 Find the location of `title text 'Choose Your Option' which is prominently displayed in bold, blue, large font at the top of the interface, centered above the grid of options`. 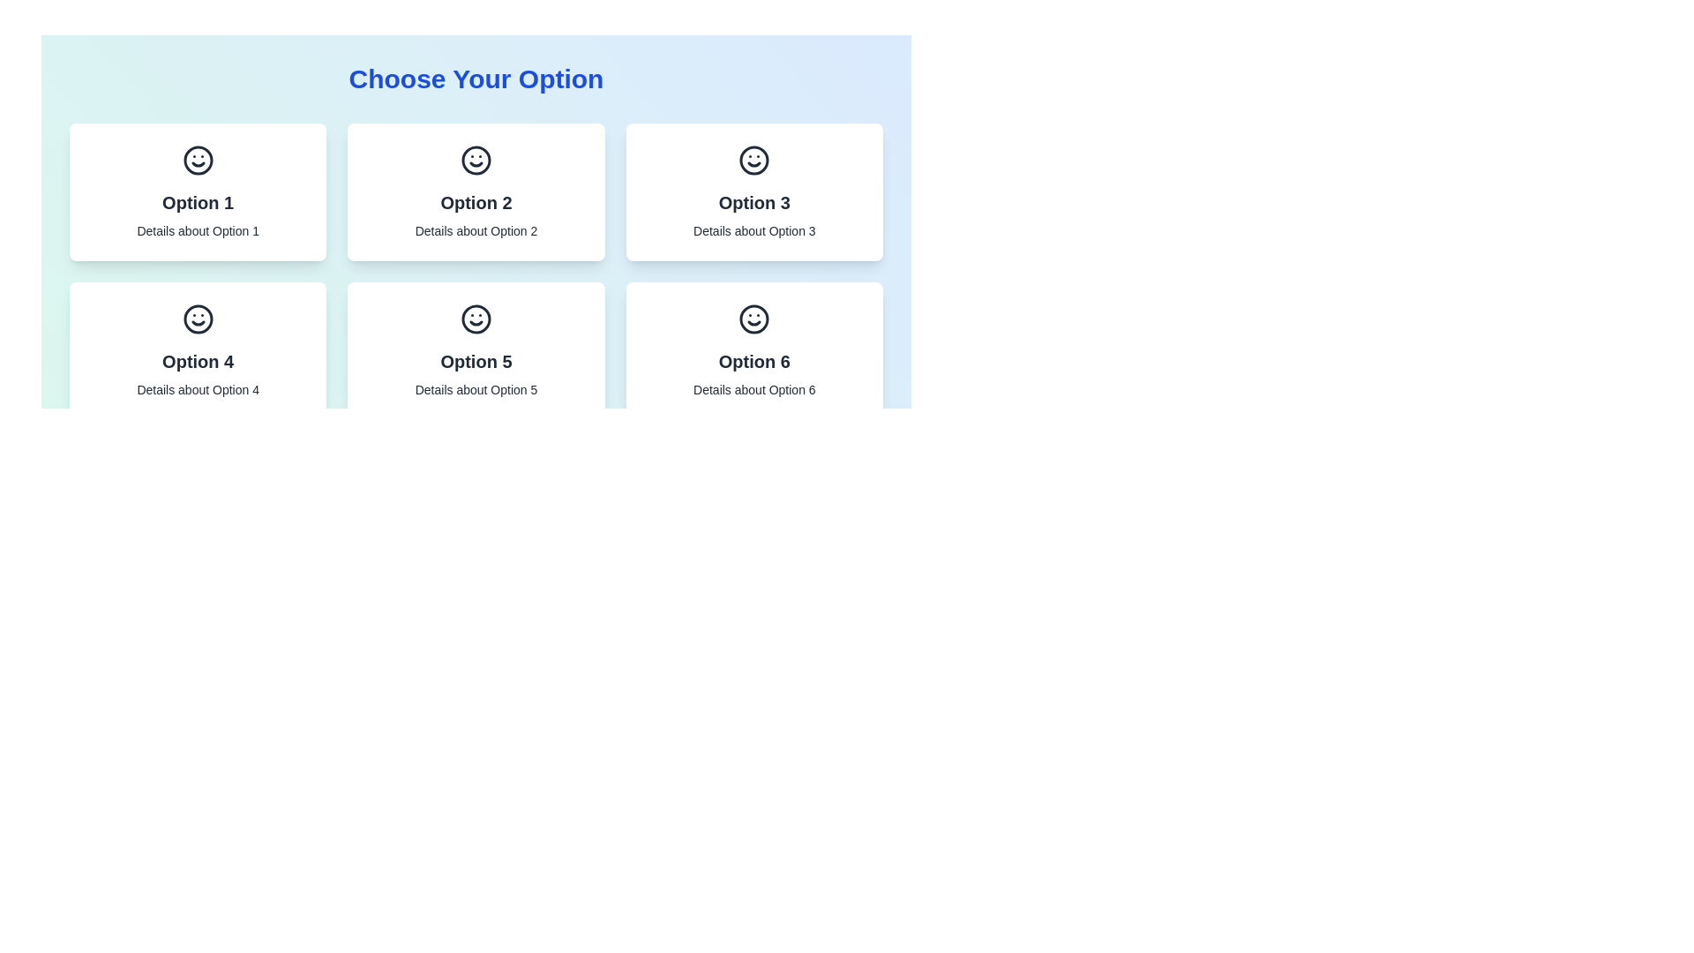

title text 'Choose Your Option' which is prominently displayed in bold, blue, large font at the top of the interface, centered above the grid of options is located at coordinates (476, 78).